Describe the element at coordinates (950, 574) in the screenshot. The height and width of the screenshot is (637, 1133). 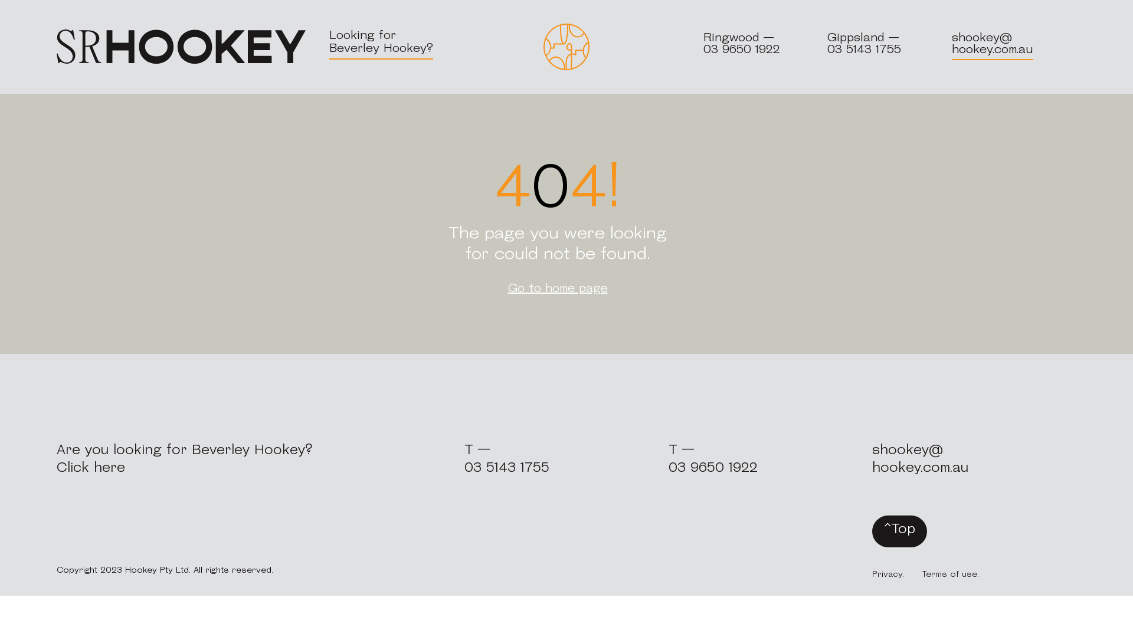
I see `'Terms of use.'` at that location.